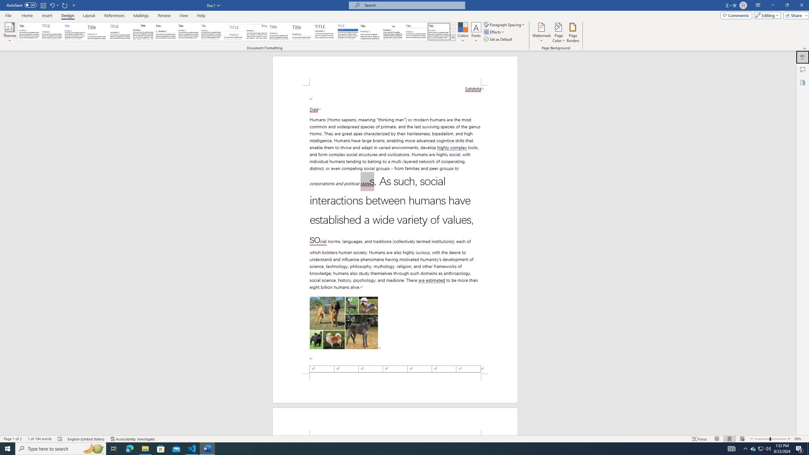 The width and height of the screenshot is (809, 455). I want to click on 'Basic (Elegant)', so click(52, 31).